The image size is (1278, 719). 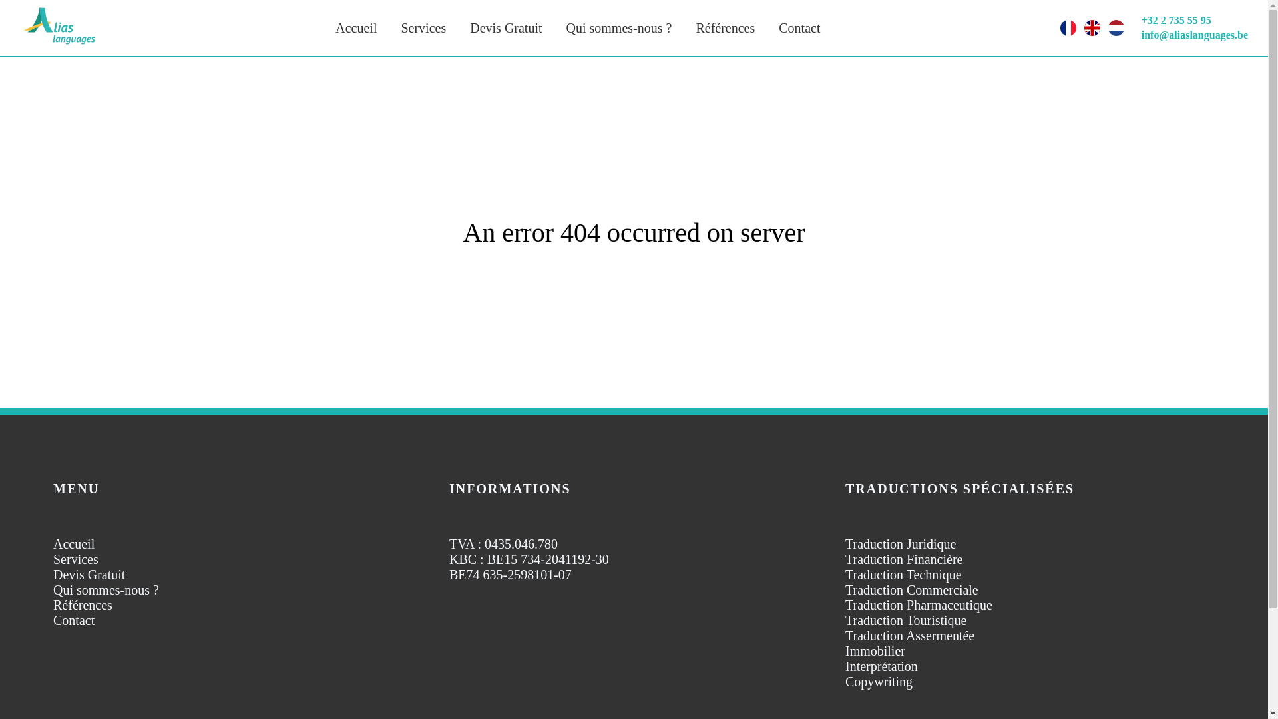 I want to click on 'Traduction Touristique', so click(x=905, y=620).